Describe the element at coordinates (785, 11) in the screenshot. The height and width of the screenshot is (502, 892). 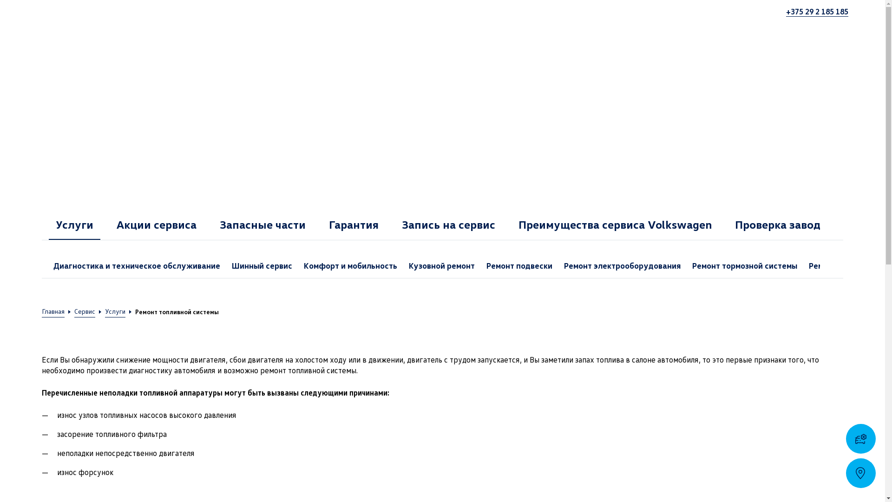
I see `'+375 29 2 185 185'` at that location.